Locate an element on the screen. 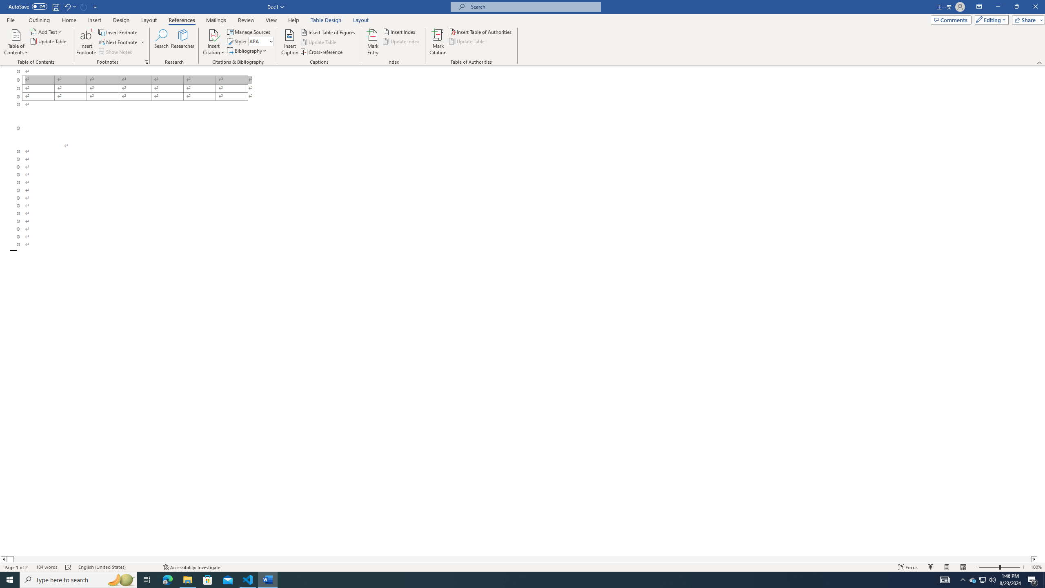 The image size is (1045, 588). 'Table of Contents' is located at coordinates (16, 42).